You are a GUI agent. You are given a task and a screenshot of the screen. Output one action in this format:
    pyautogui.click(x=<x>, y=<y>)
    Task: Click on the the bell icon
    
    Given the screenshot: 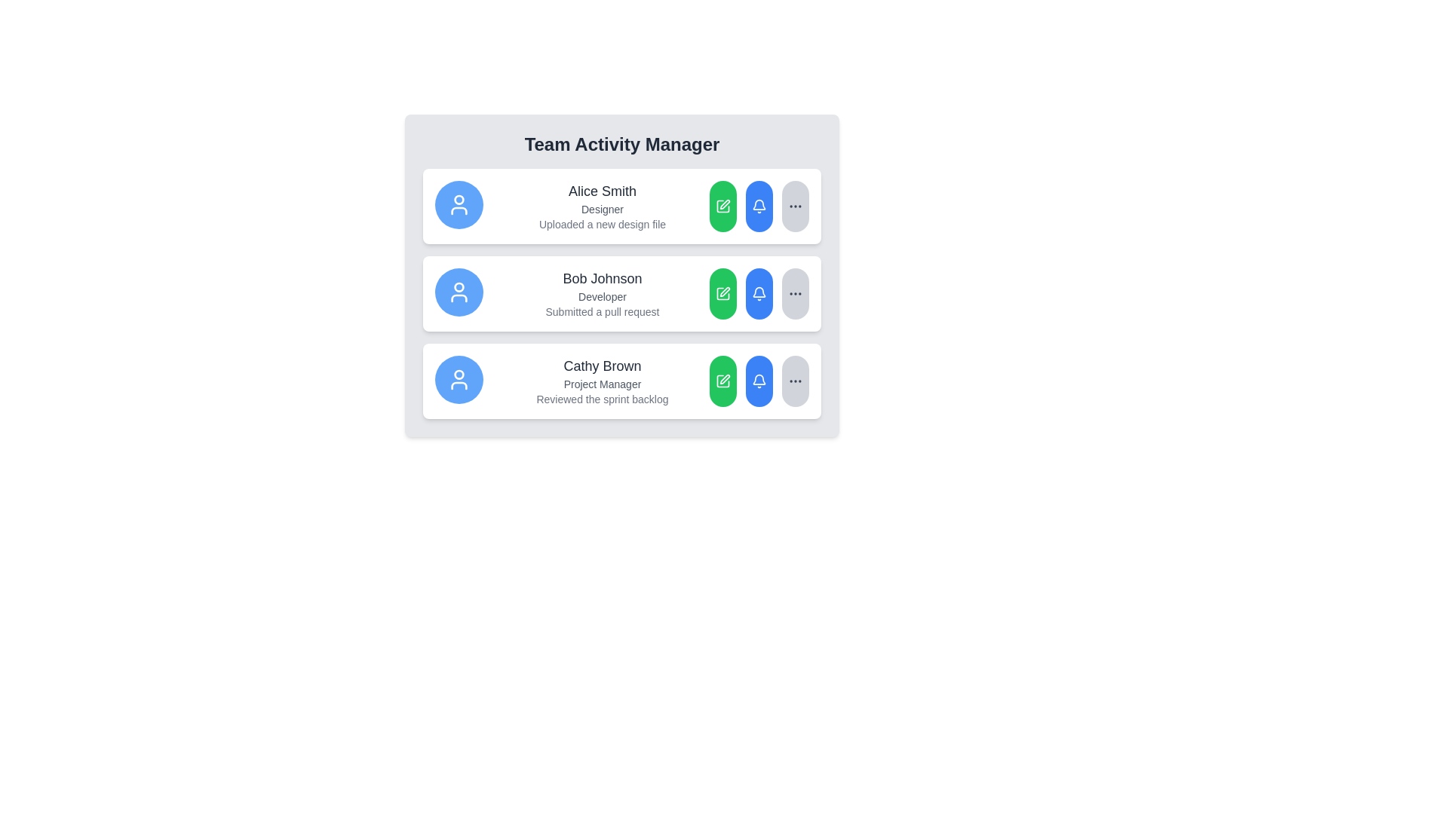 What is the action you would take?
    pyautogui.click(x=759, y=292)
    